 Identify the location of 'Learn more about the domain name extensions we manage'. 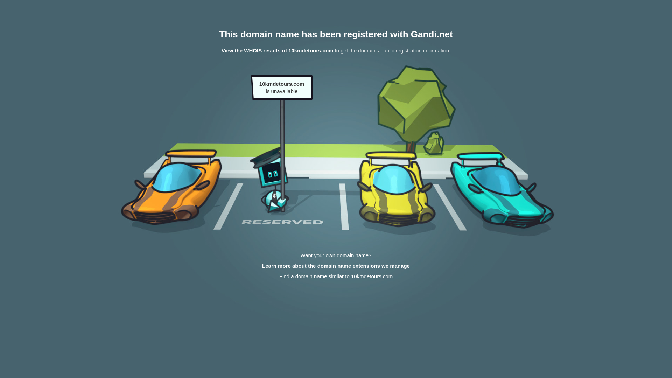
(336, 266).